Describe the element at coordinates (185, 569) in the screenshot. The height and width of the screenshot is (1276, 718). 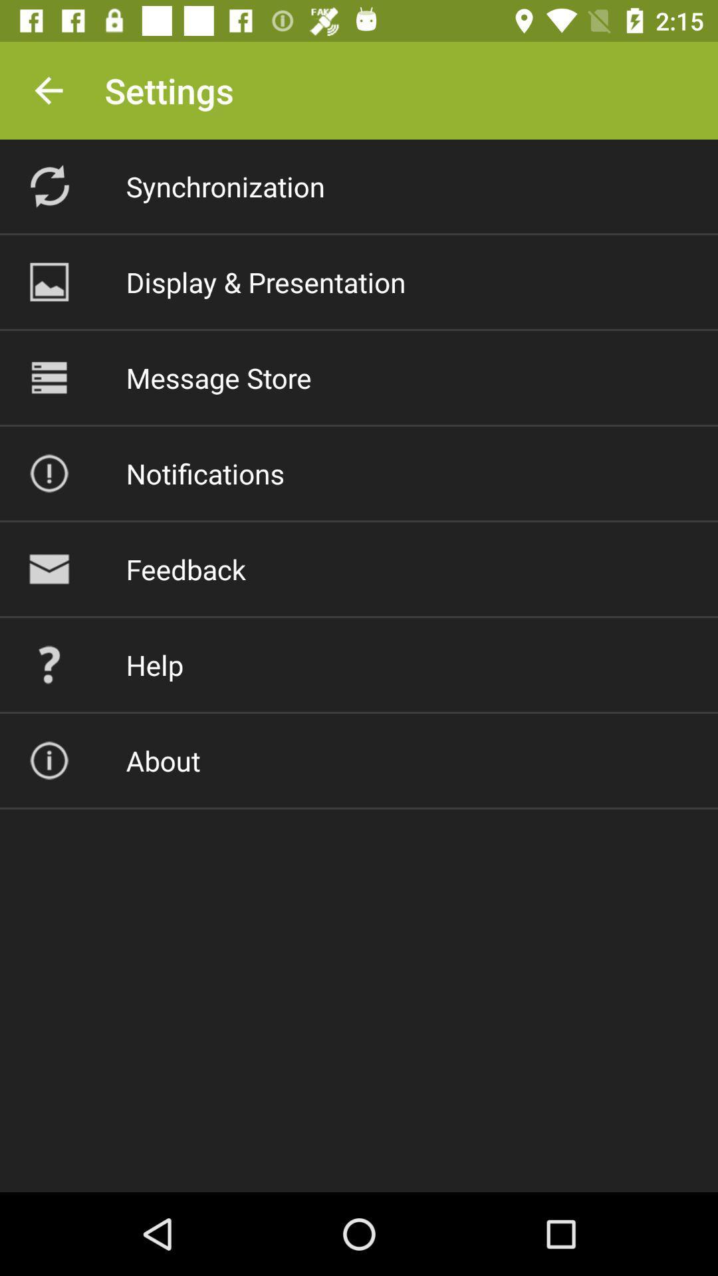
I see `the item above help icon` at that location.